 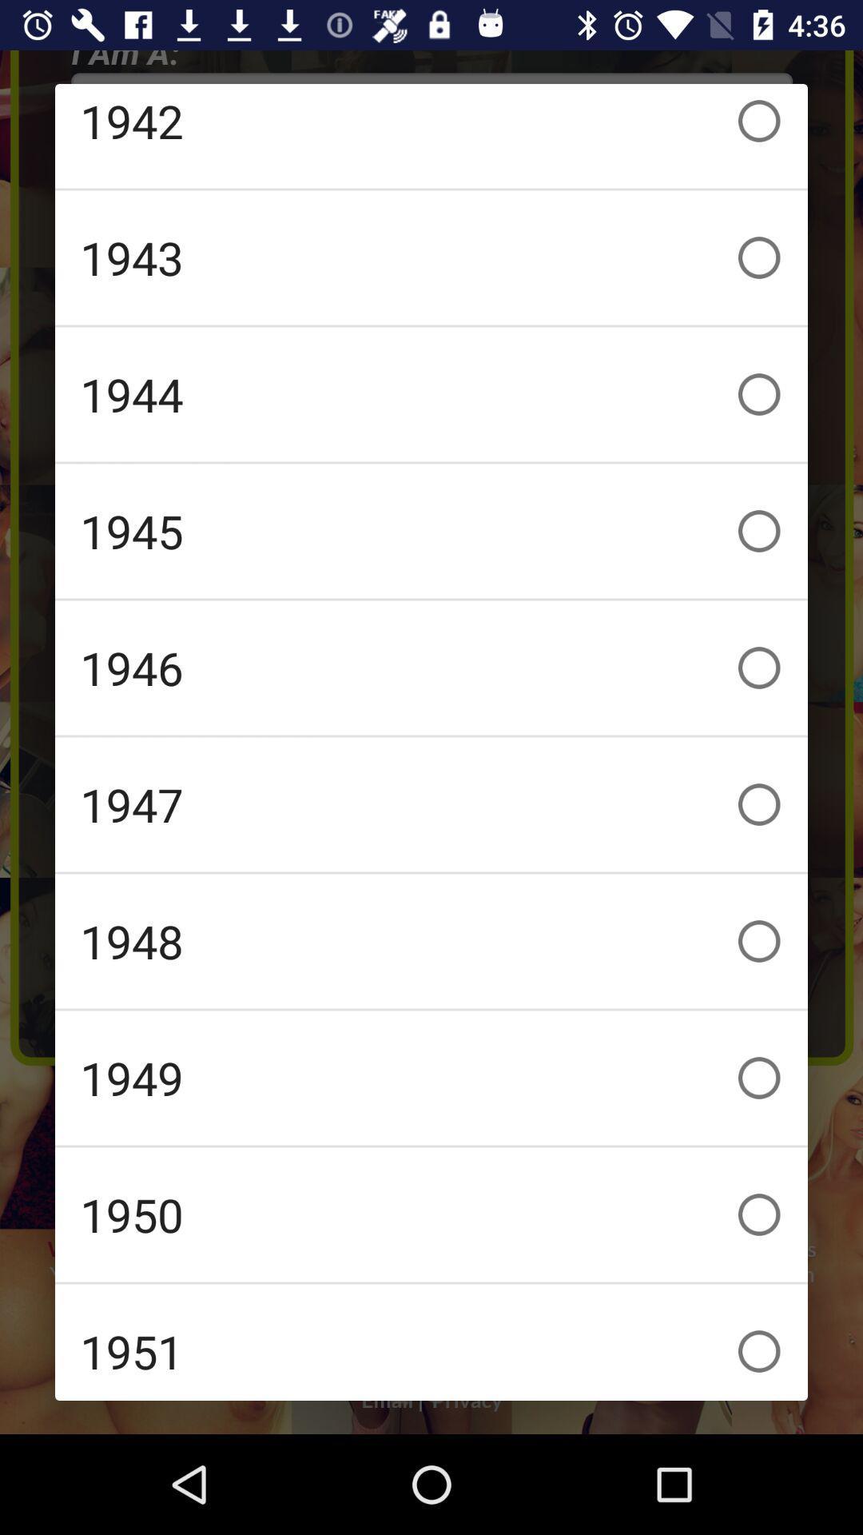 What do you see at coordinates (431, 1214) in the screenshot?
I see `the 1950 icon` at bounding box center [431, 1214].